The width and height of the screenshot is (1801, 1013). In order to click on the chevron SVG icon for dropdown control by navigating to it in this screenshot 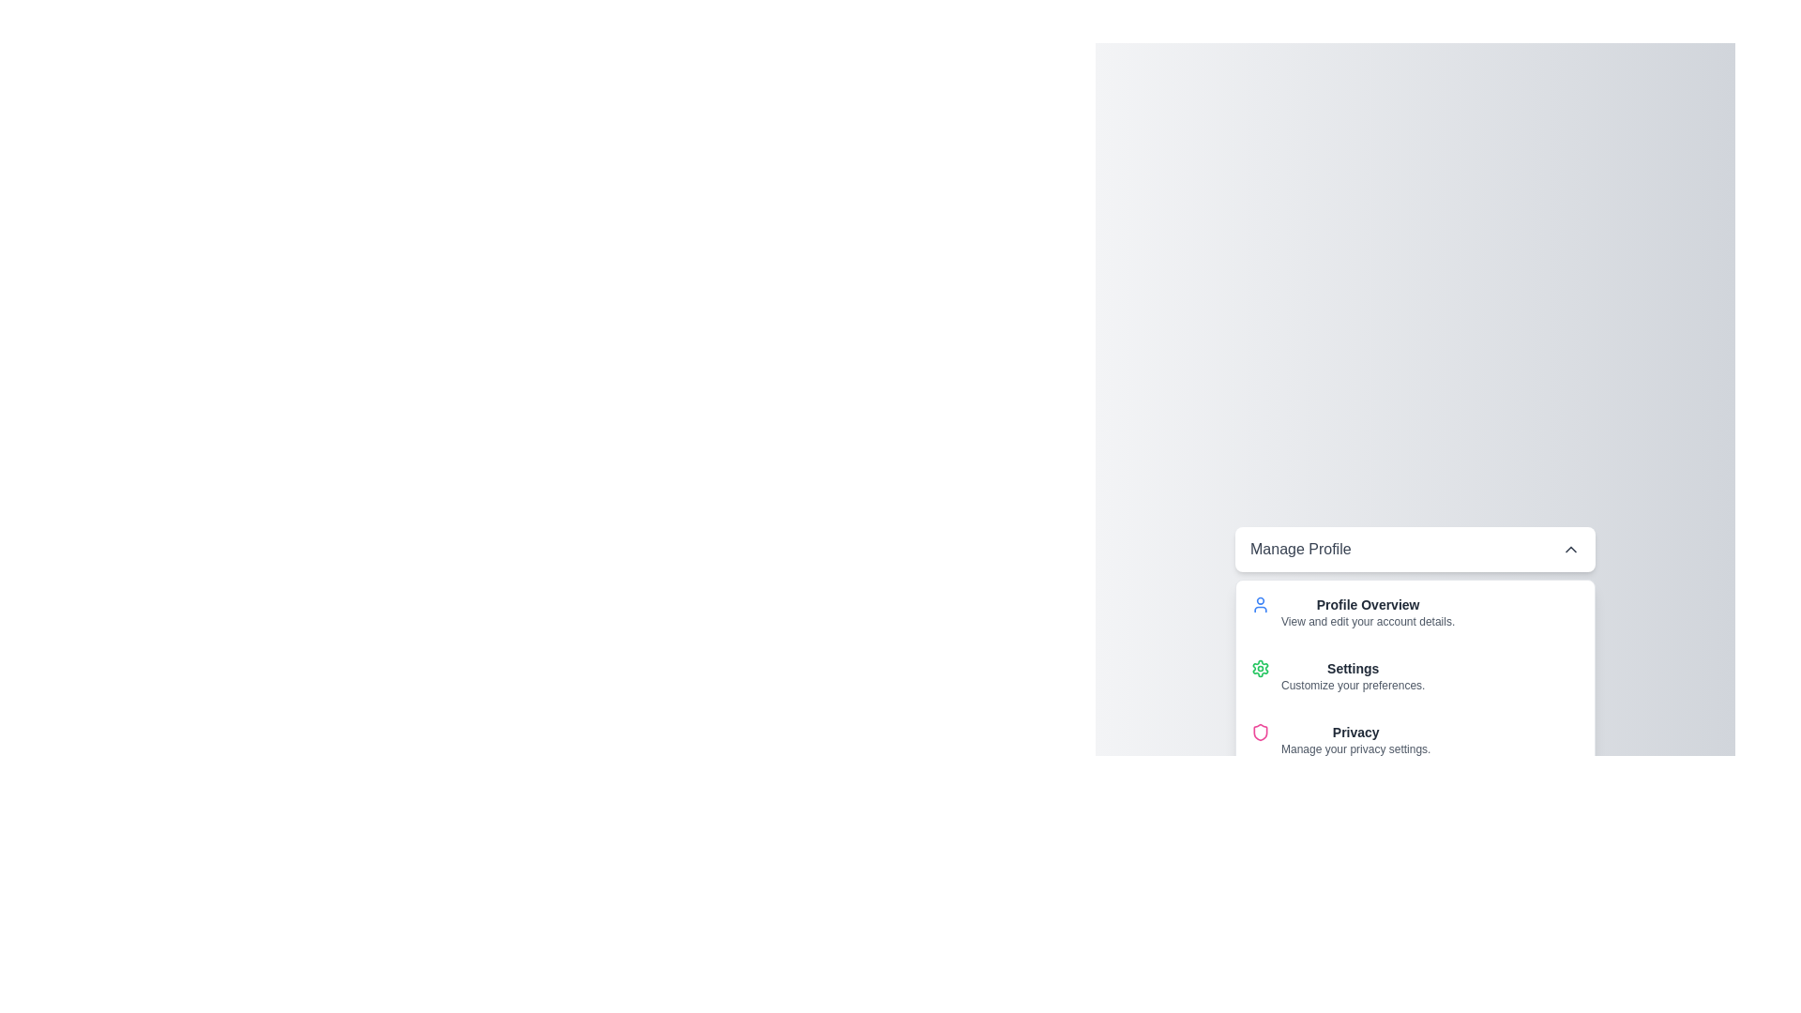, I will do `click(1571, 549)`.